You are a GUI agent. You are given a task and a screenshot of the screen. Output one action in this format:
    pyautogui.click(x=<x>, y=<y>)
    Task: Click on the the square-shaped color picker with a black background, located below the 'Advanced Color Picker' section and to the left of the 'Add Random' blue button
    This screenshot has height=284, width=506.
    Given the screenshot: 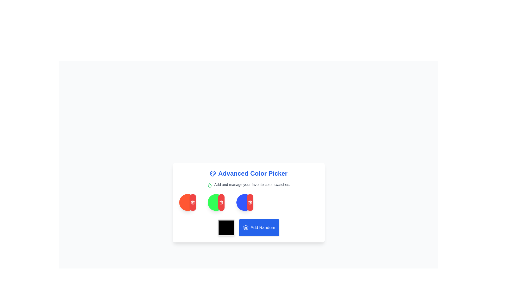 What is the action you would take?
    pyautogui.click(x=226, y=227)
    